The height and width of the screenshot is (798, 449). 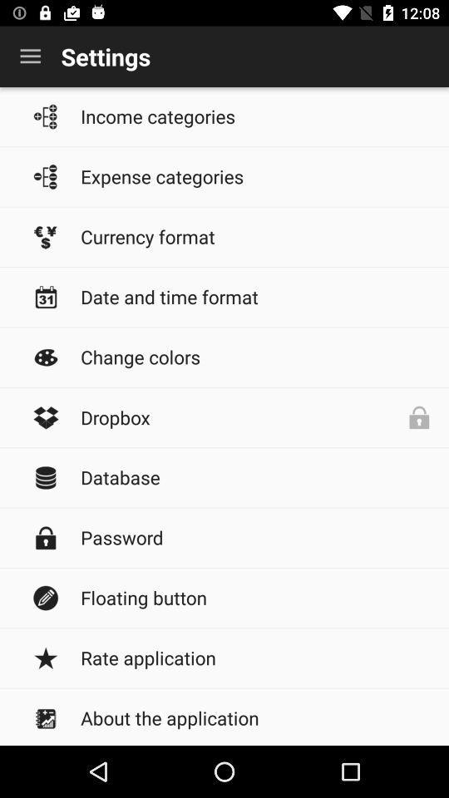 What do you see at coordinates (256, 357) in the screenshot?
I see `the icon below date and time icon` at bounding box center [256, 357].